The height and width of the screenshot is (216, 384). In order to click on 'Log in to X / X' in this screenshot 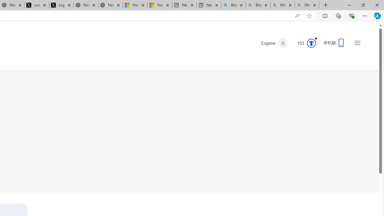, I will do `click(61, 5)`.